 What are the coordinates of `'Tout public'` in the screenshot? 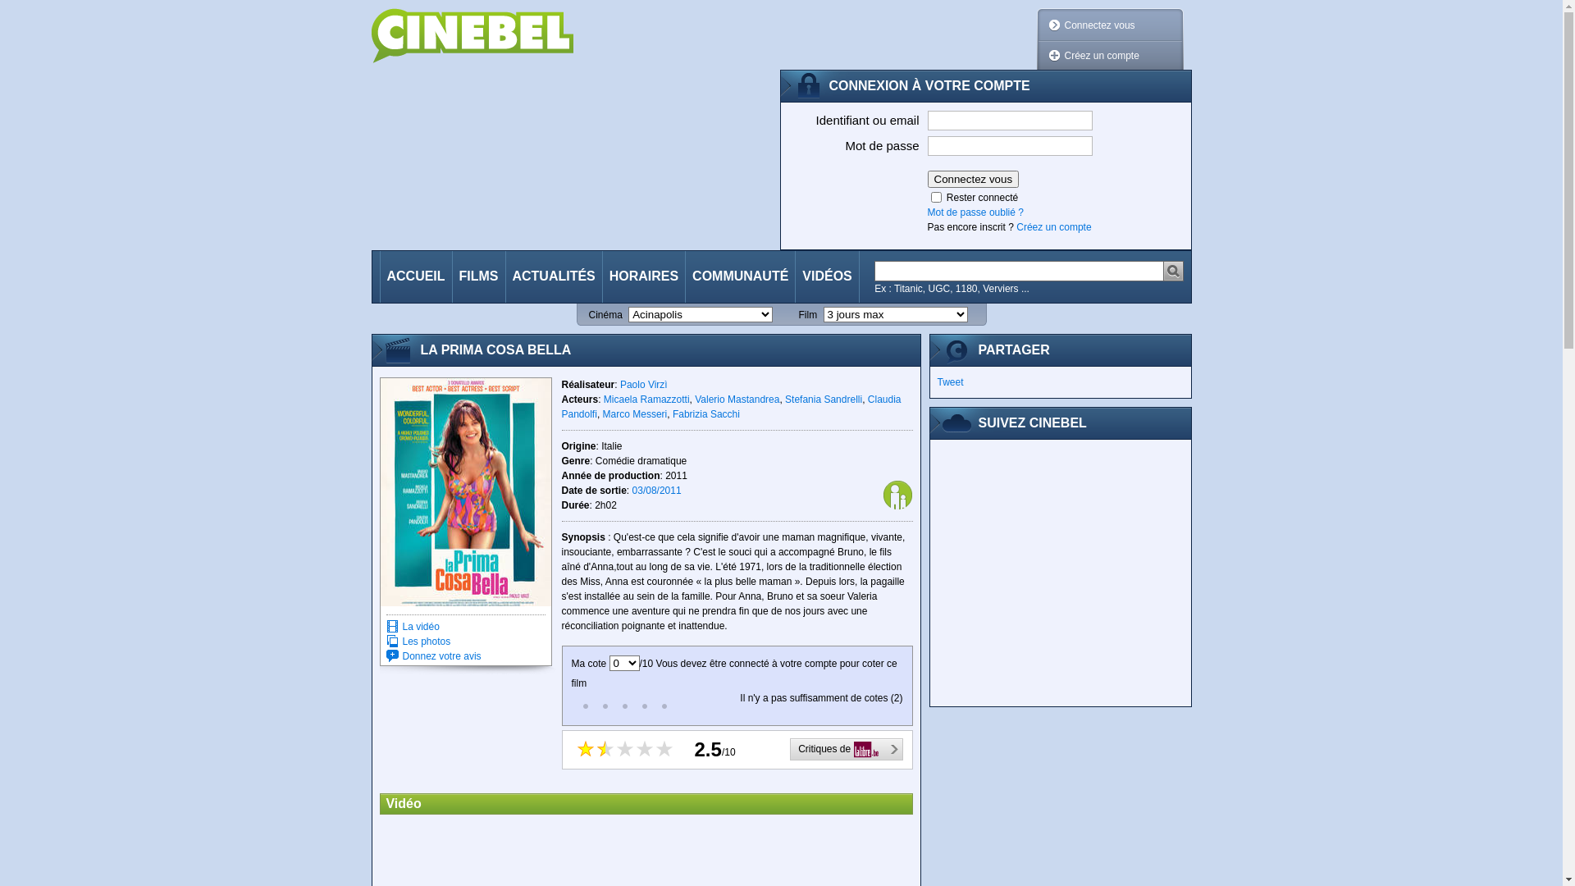 It's located at (881, 494).